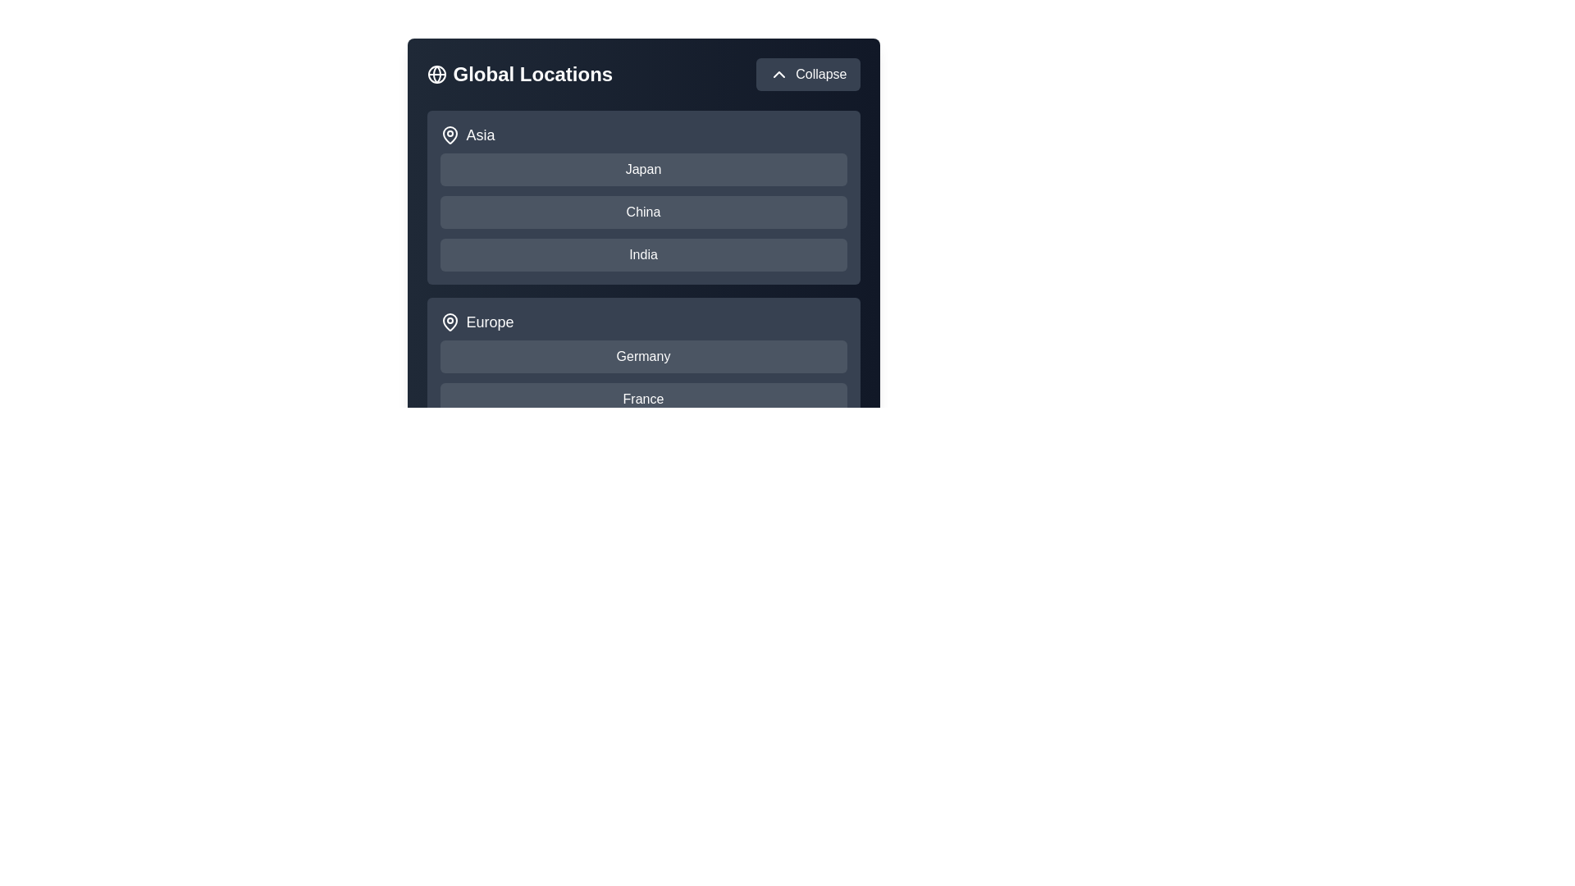 The height and width of the screenshot is (886, 1575). I want to click on the country India to select it, so click(642, 255).